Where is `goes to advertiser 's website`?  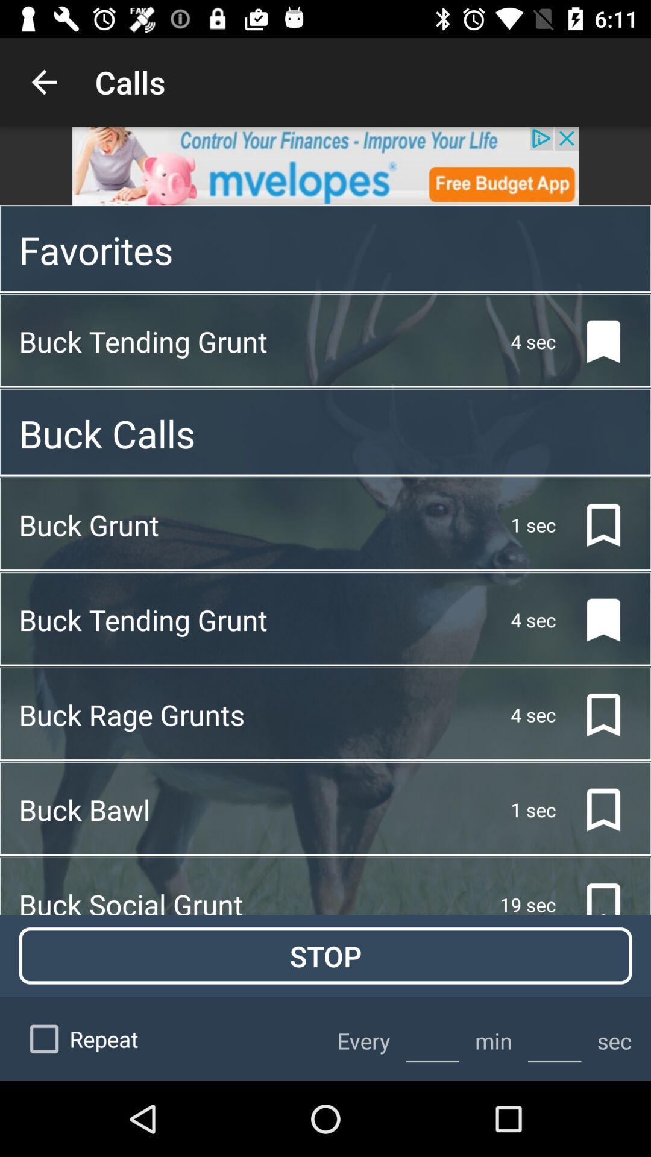
goes to advertiser 's website is located at coordinates (325, 165).